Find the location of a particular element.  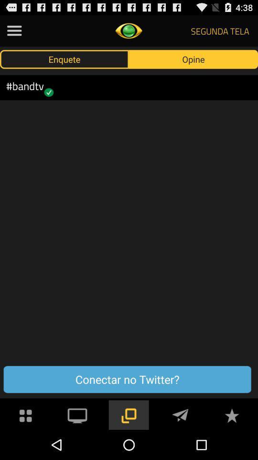

tap for menu is located at coordinates (26, 414).